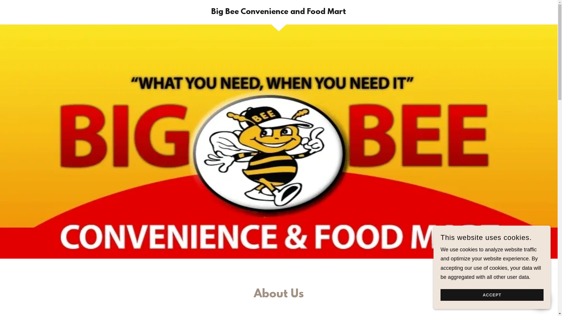 The width and height of the screenshot is (562, 316). Describe the element at coordinates (492, 295) in the screenshot. I see `'ACCEPT'` at that location.